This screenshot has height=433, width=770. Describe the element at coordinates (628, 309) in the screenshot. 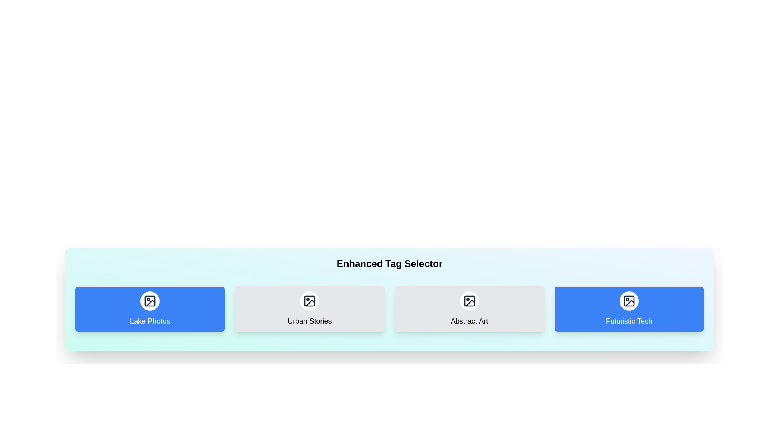

I see `the tag identified by Futuristic Tech` at that location.